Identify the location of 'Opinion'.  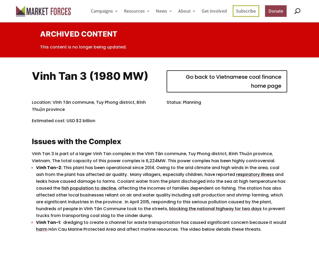
(171, 60).